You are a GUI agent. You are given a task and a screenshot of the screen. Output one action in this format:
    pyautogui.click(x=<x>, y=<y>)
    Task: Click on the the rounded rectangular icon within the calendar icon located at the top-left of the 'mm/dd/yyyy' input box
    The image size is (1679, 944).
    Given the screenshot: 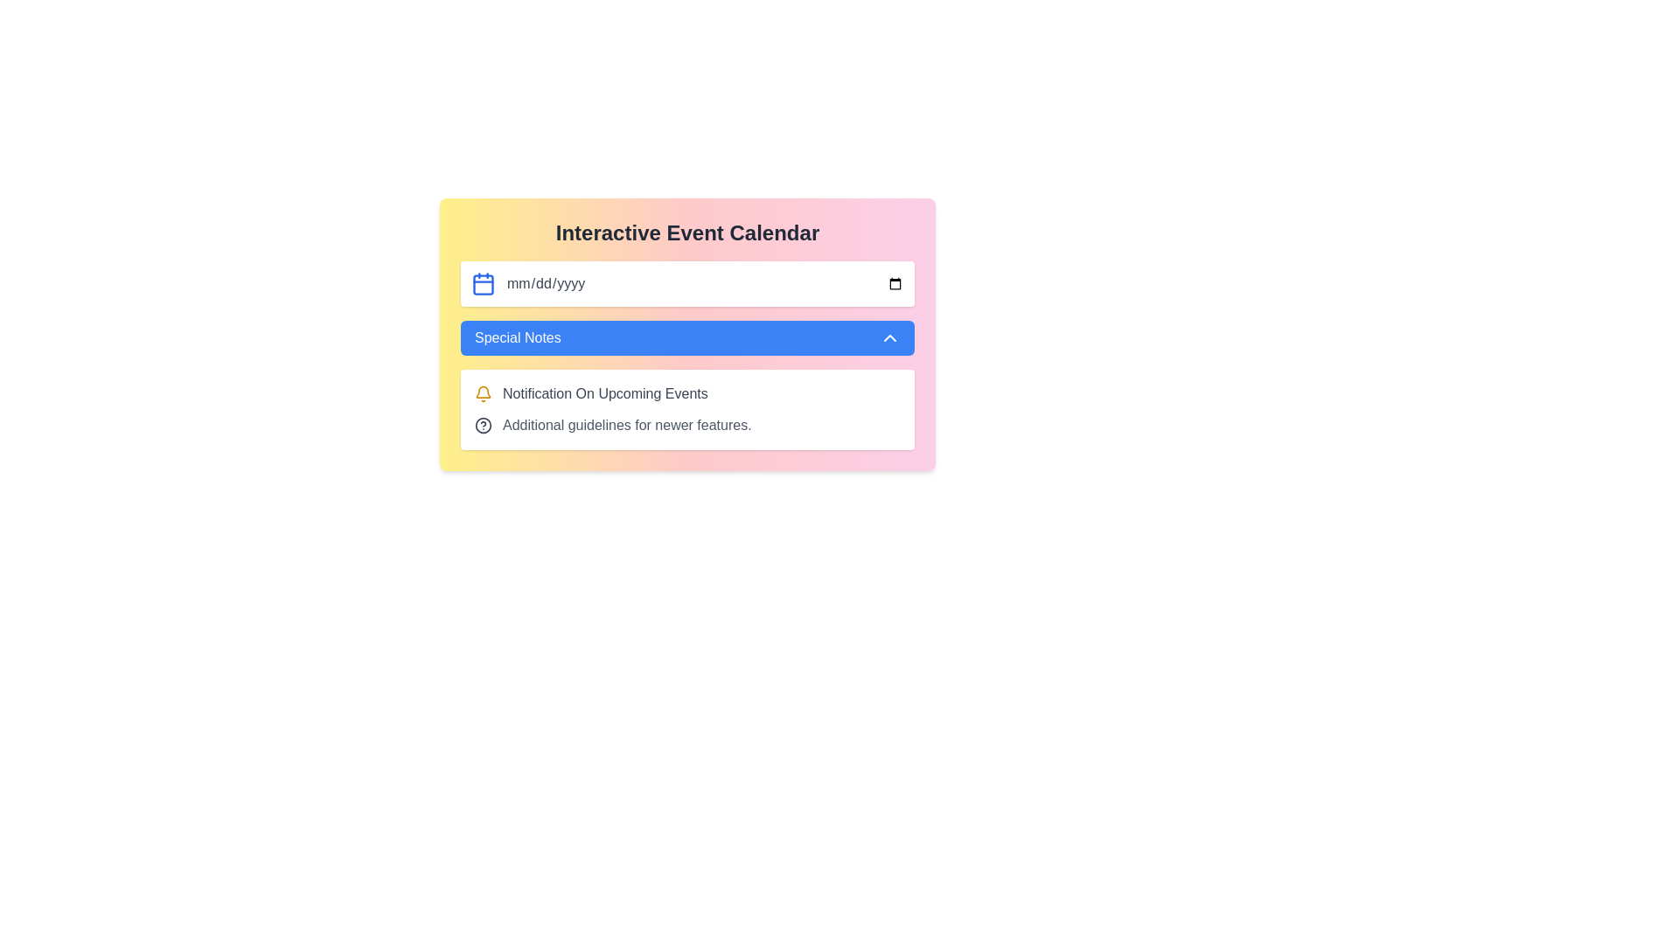 What is the action you would take?
    pyautogui.click(x=483, y=284)
    